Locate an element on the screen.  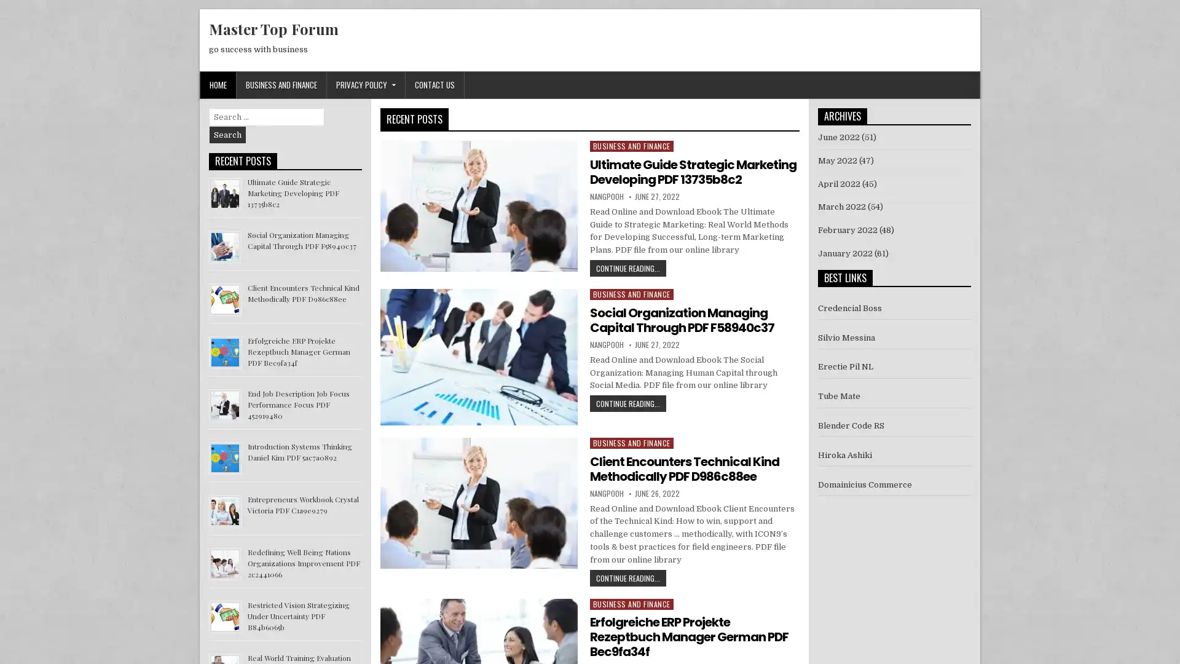
Search is located at coordinates (227, 135).